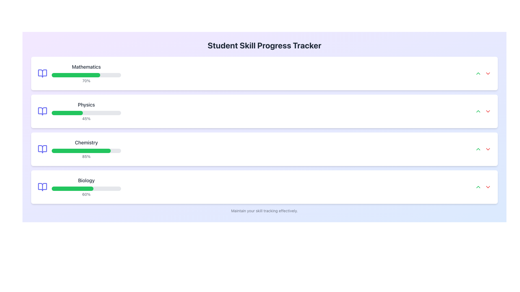  Describe the element at coordinates (86, 75) in the screenshot. I see `the Progress bar indicating 70% completion in the Mathematics card` at that location.